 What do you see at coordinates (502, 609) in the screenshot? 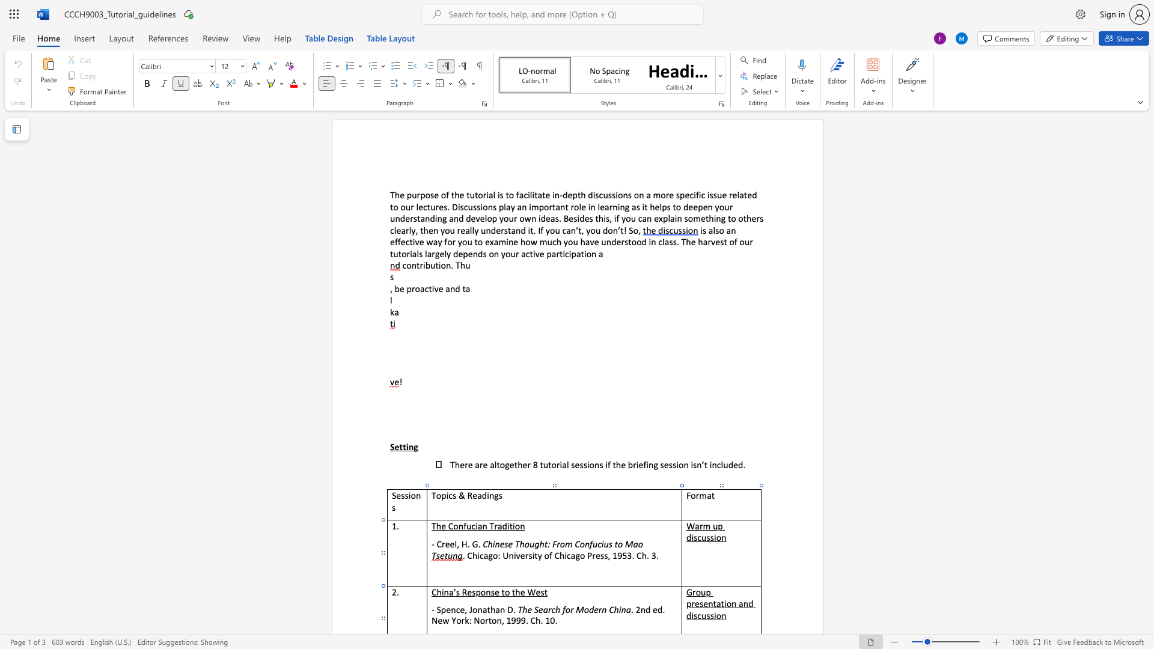
I see `the 3th character "n" in the text` at bounding box center [502, 609].